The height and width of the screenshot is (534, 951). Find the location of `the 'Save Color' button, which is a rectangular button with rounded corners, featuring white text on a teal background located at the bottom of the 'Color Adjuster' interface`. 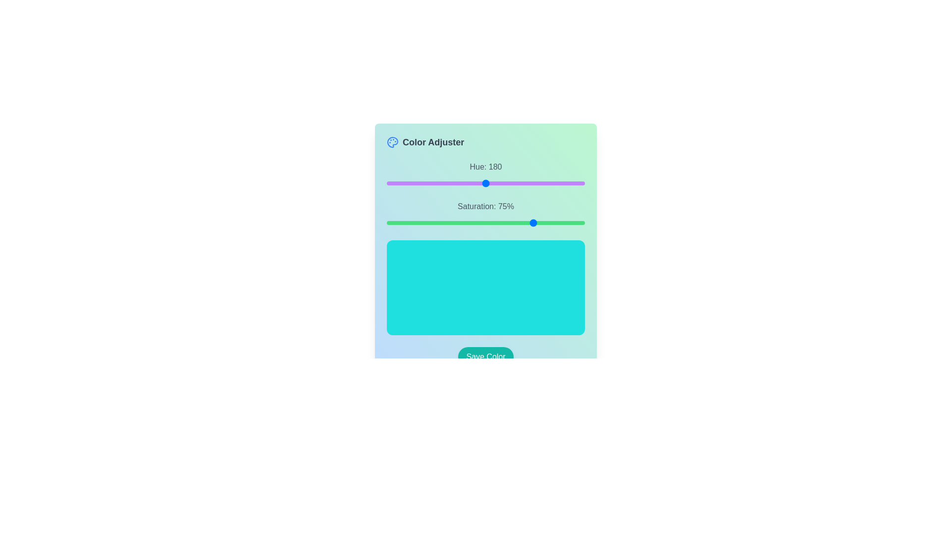

the 'Save Color' button, which is a rectangular button with rounded corners, featuring white text on a teal background located at the bottom of the 'Color Adjuster' interface is located at coordinates (485, 356).